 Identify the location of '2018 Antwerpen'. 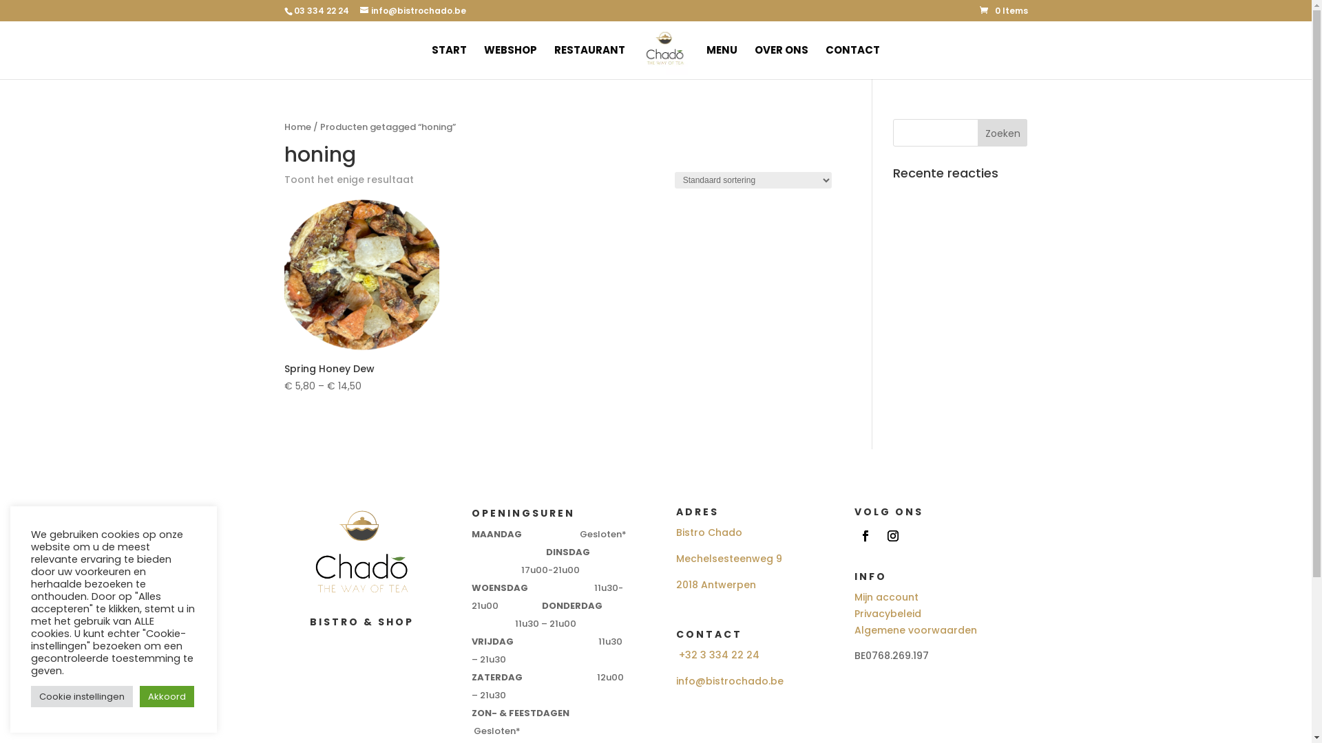
(716, 584).